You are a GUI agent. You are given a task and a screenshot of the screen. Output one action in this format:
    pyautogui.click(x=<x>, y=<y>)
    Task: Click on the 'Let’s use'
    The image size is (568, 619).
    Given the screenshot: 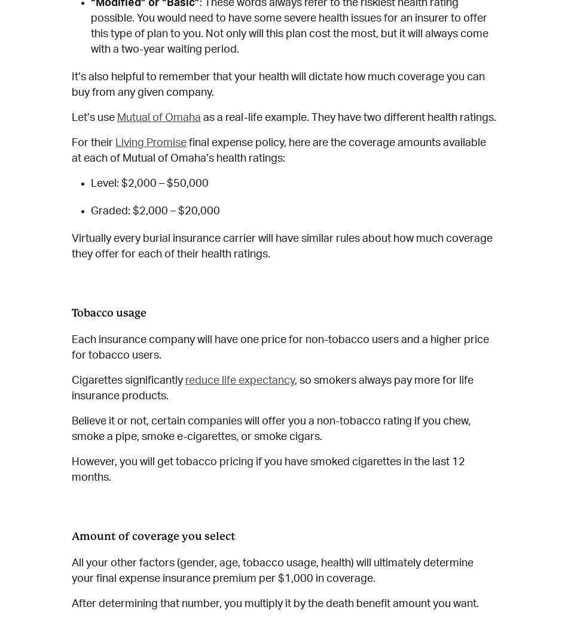 What is the action you would take?
    pyautogui.click(x=71, y=117)
    